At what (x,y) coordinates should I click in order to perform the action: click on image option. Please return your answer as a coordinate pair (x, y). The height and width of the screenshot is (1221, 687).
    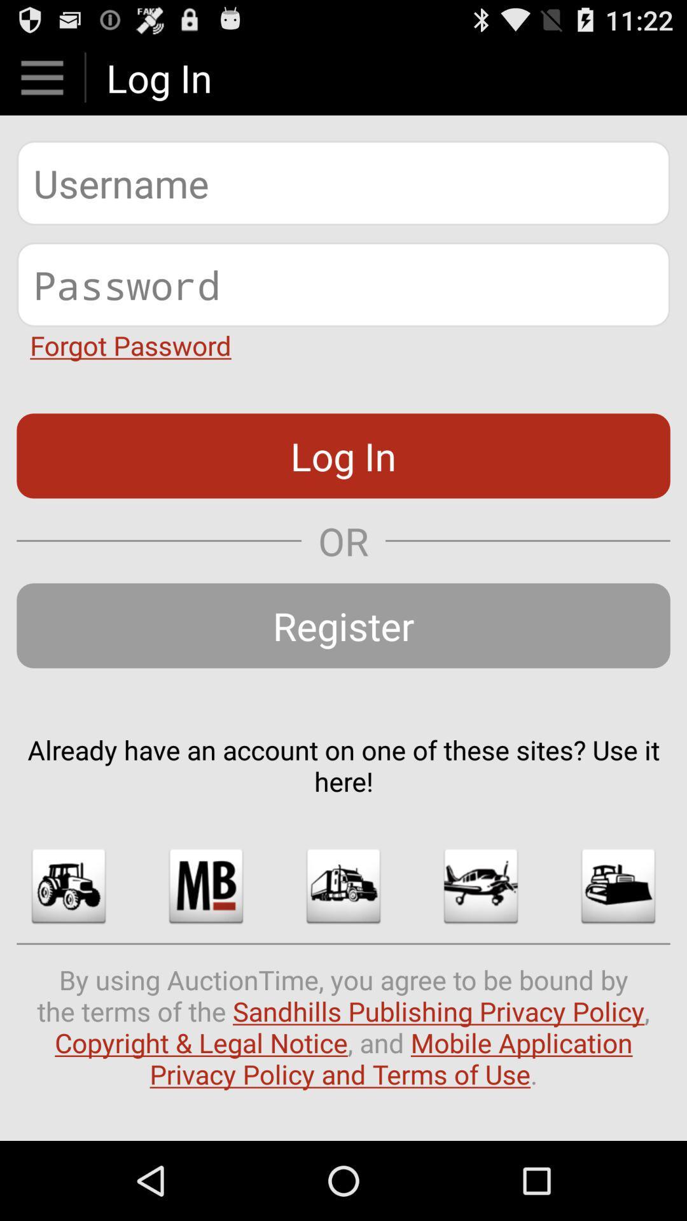
    Looking at the image, I should click on (481, 885).